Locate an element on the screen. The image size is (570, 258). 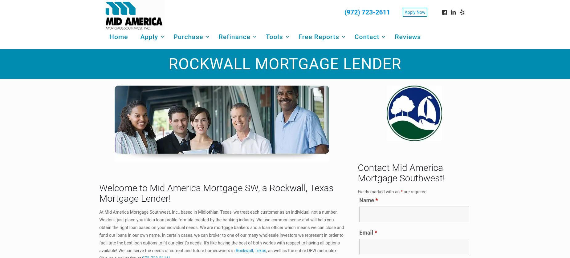
'Name' is located at coordinates (359, 200).